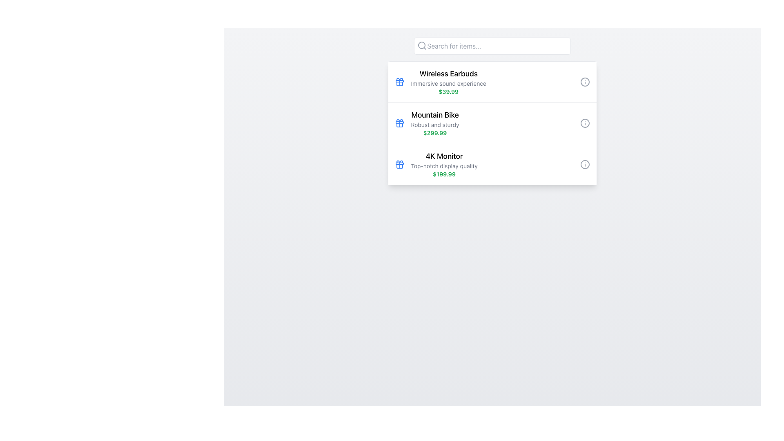 Image resolution: width=784 pixels, height=441 pixels. I want to click on the second item in the product list, so click(492, 123).